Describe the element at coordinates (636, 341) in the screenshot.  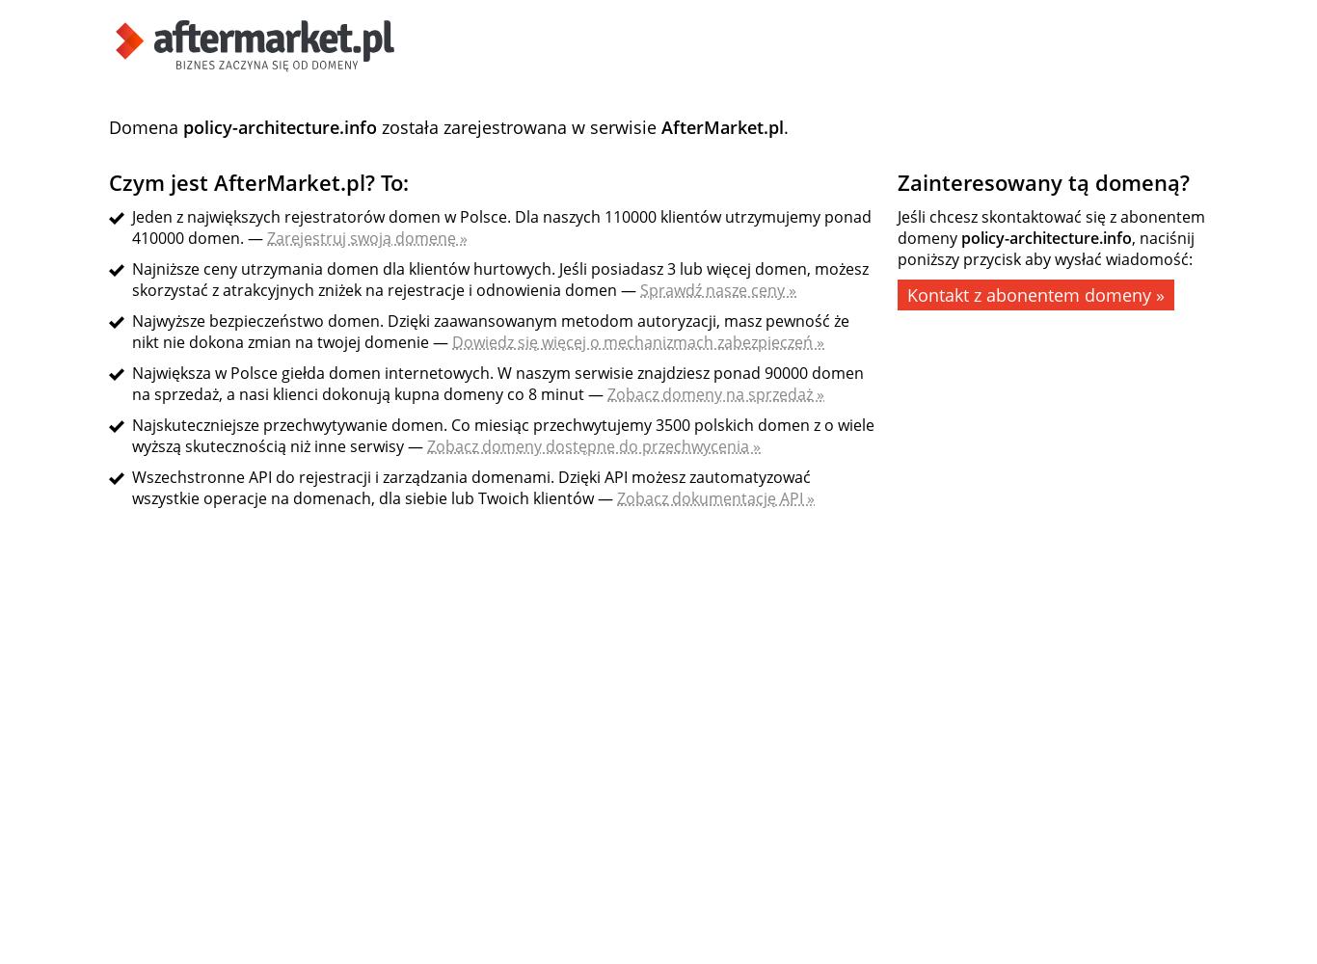
I see `'Dowiedz się więcej o mechanizmach zabezpieczeń »'` at that location.